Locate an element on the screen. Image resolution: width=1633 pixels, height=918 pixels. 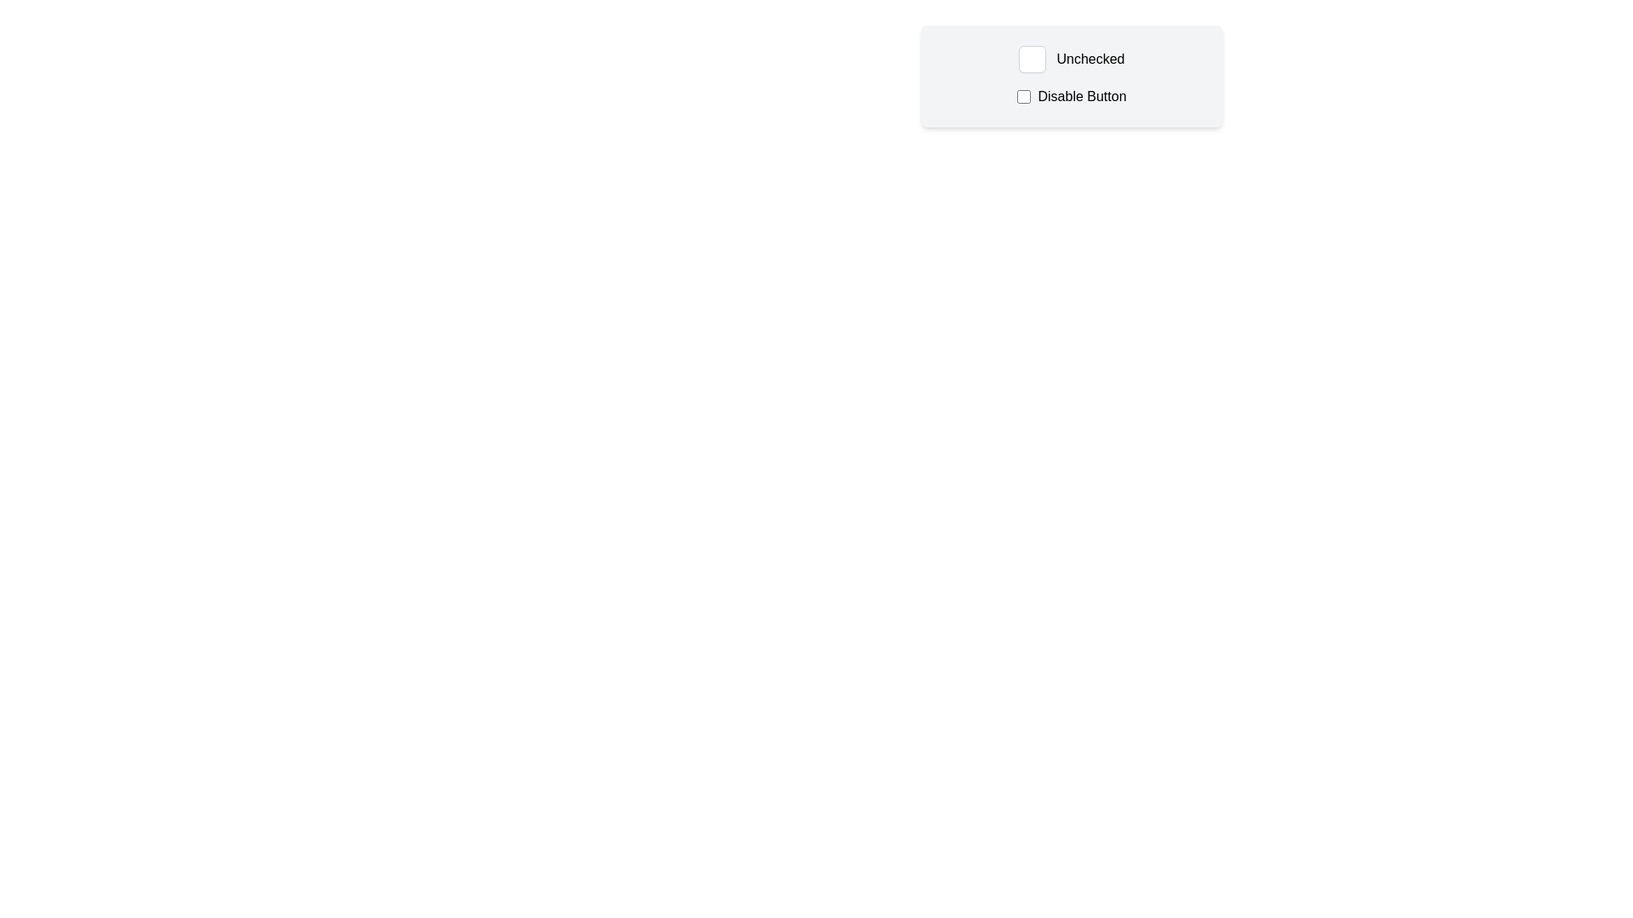
label text 'Disable Button' adjacent to the checkbox in the light gray background area is located at coordinates (1071, 97).